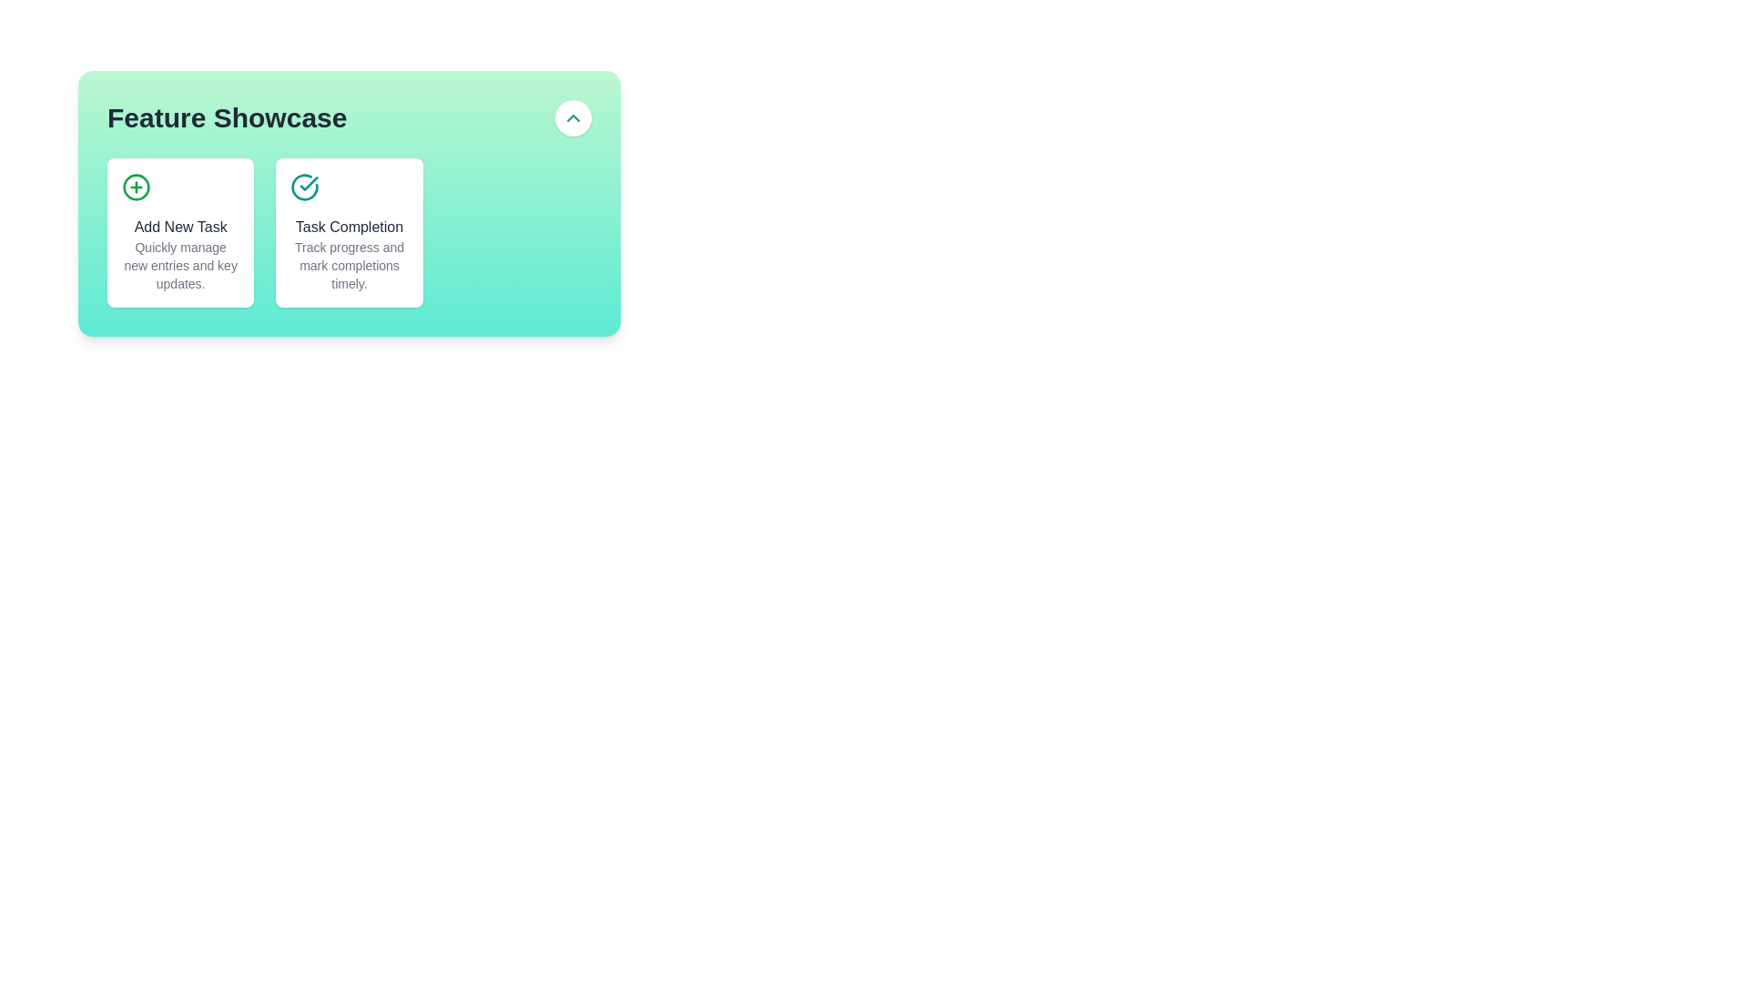 The image size is (1748, 983). Describe the element at coordinates (135, 187) in the screenshot. I see `the green-bordered circle icon containing a plus symbol to initiate a new task action` at that location.